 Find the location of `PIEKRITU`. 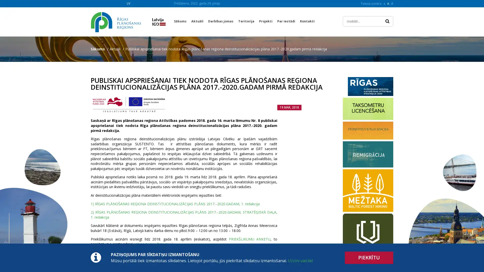

PIEKRITU is located at coordinates (369, 258).